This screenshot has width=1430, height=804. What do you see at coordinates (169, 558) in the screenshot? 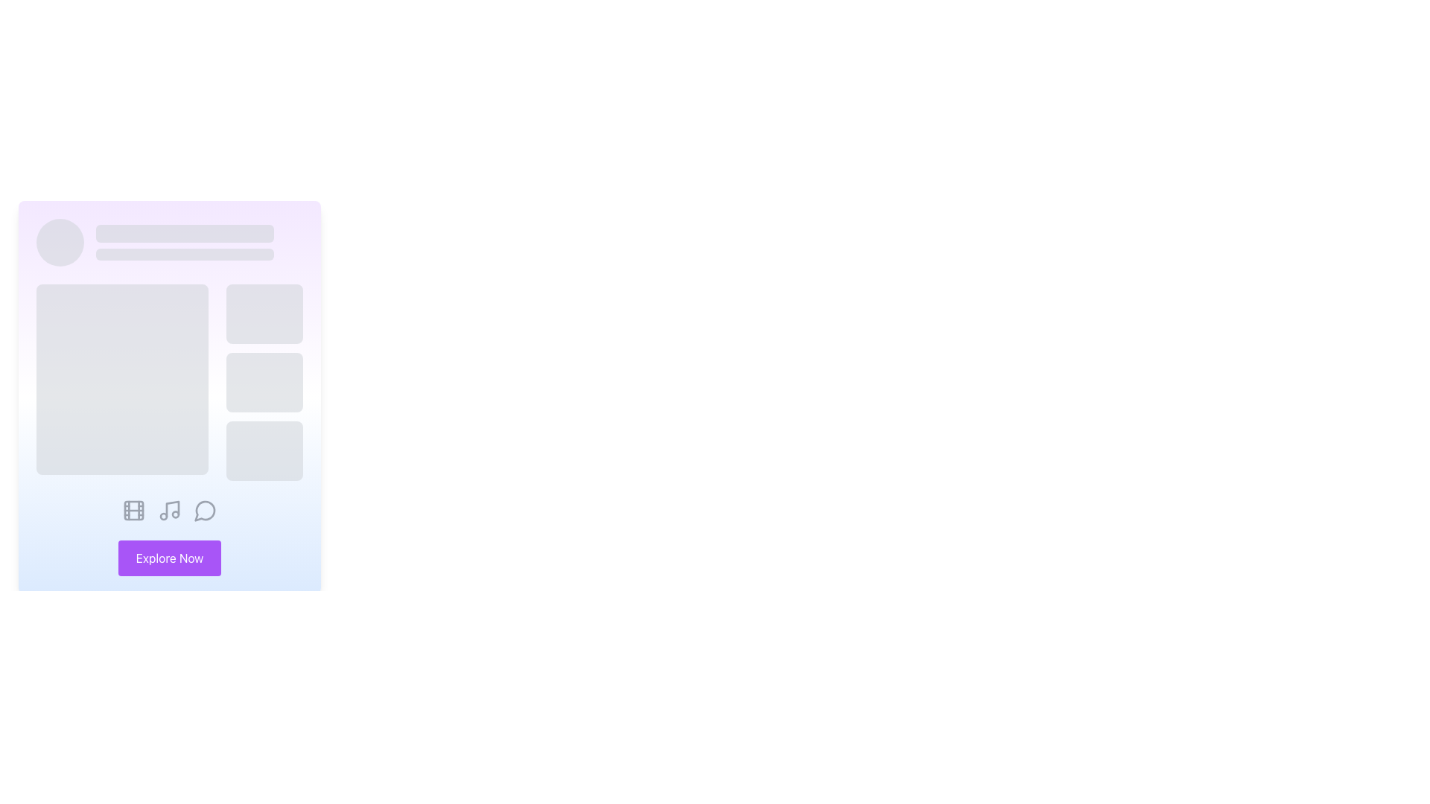
I see `the rectangular purple button labeled 'Explore Now' located at the lower center of the interface` at bounding box center [169, 558].